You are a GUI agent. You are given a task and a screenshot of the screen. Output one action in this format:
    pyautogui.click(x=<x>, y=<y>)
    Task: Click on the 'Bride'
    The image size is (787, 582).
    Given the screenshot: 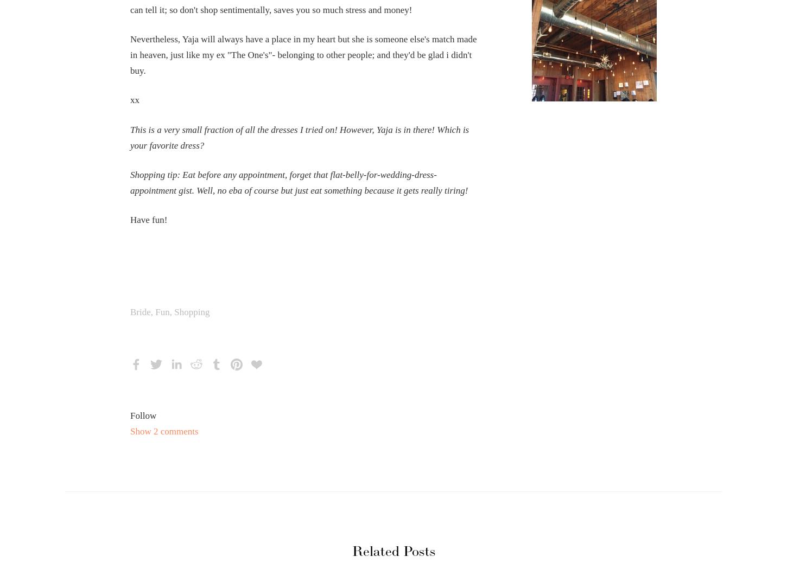 What is the action you would take?
    pyautogui.click(x=129, y=312)
    